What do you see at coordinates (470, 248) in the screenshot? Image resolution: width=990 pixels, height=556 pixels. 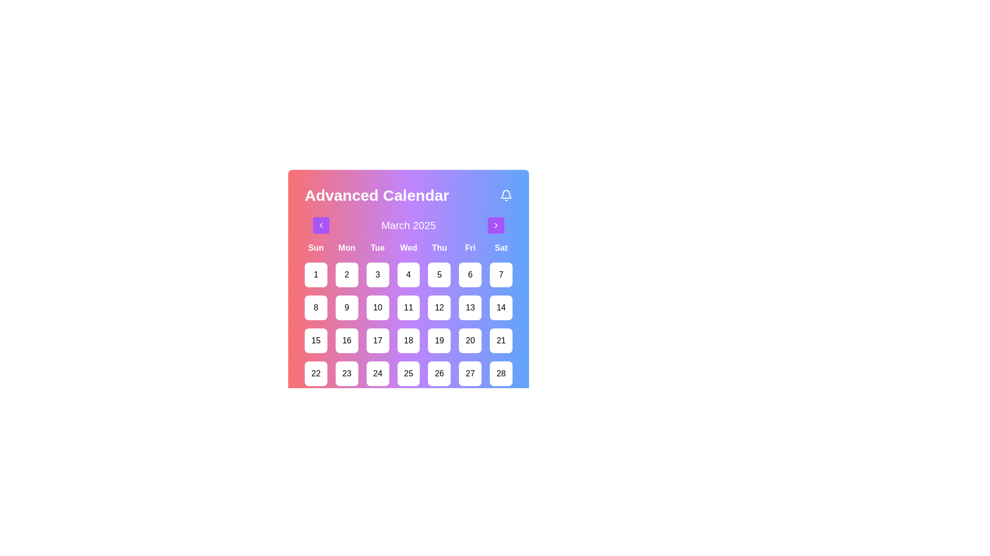 I see `the static label for Friday in the calendar header section, which is the sixth label in the row of days of the week, located between 'Thu' and 'Sat'` at bounding box center [470, 248].